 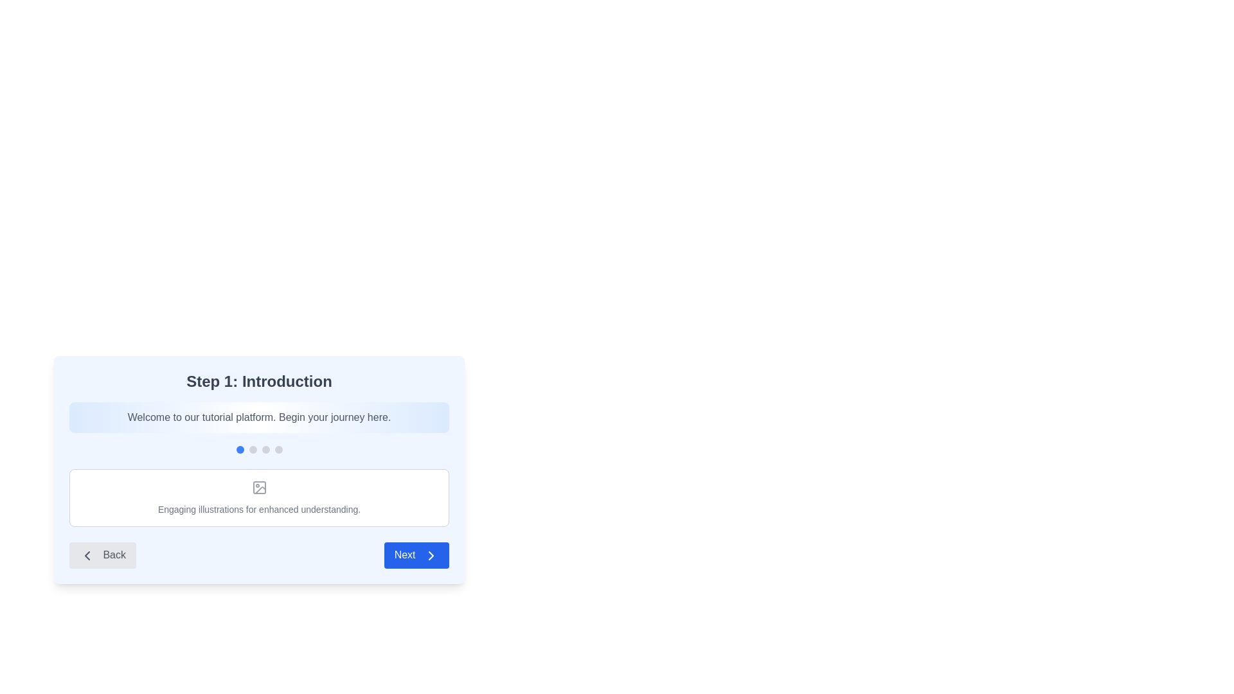 What do you see at coordinates (258, 418) in the screenshot?
I see `welcoming text content displayed in a paragraph-like form, which provides introductory context for the tutorial platform` at bounding box center [258, 418].